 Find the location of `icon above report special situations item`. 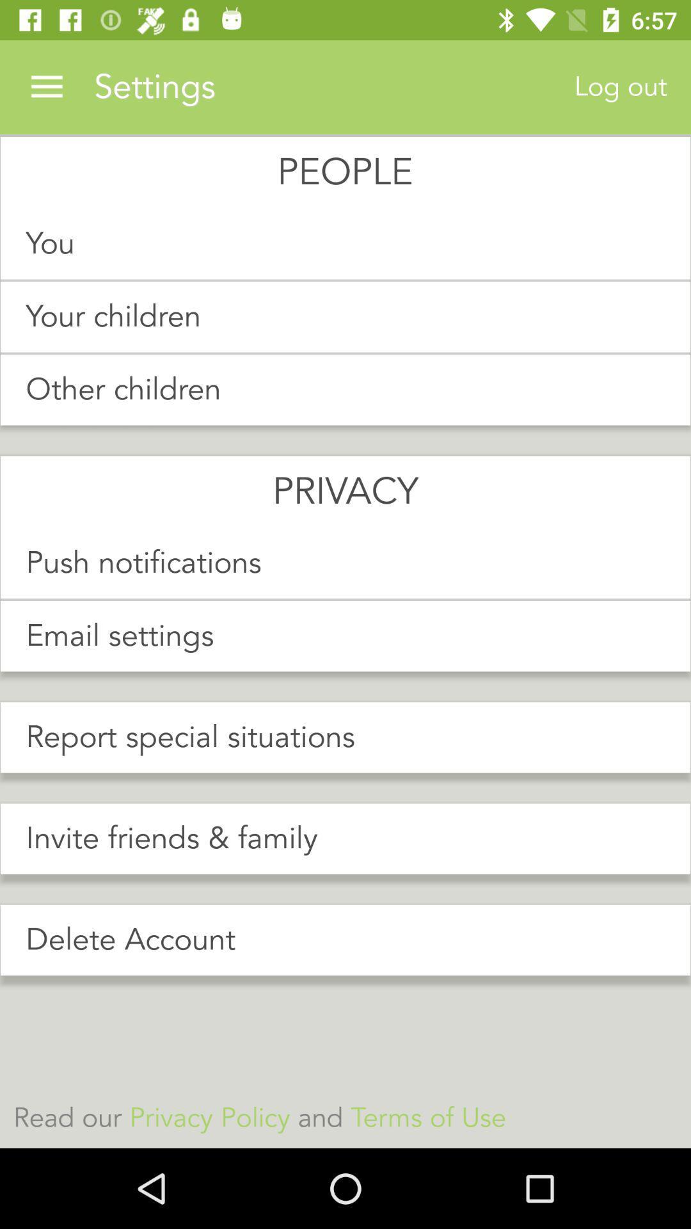

icon above report special situations item is located at coordinates (345, 636).